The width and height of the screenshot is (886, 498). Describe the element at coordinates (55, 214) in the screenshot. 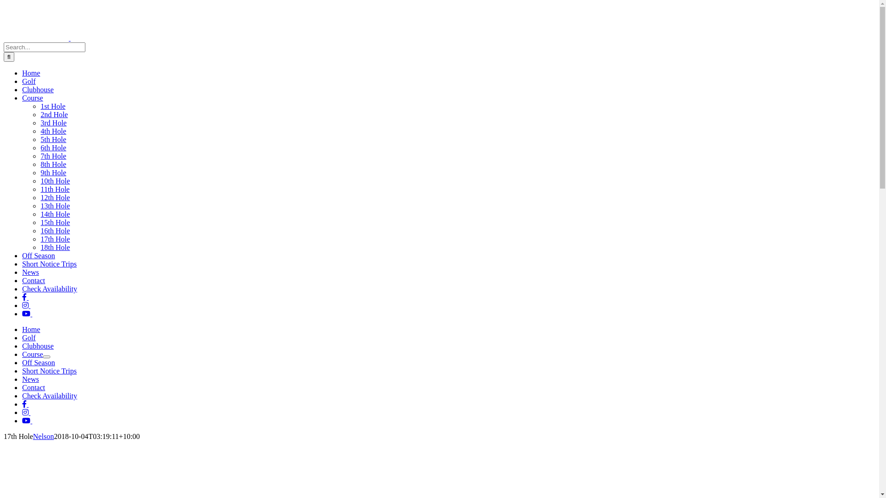

I see `'14th Hole'` at that location.